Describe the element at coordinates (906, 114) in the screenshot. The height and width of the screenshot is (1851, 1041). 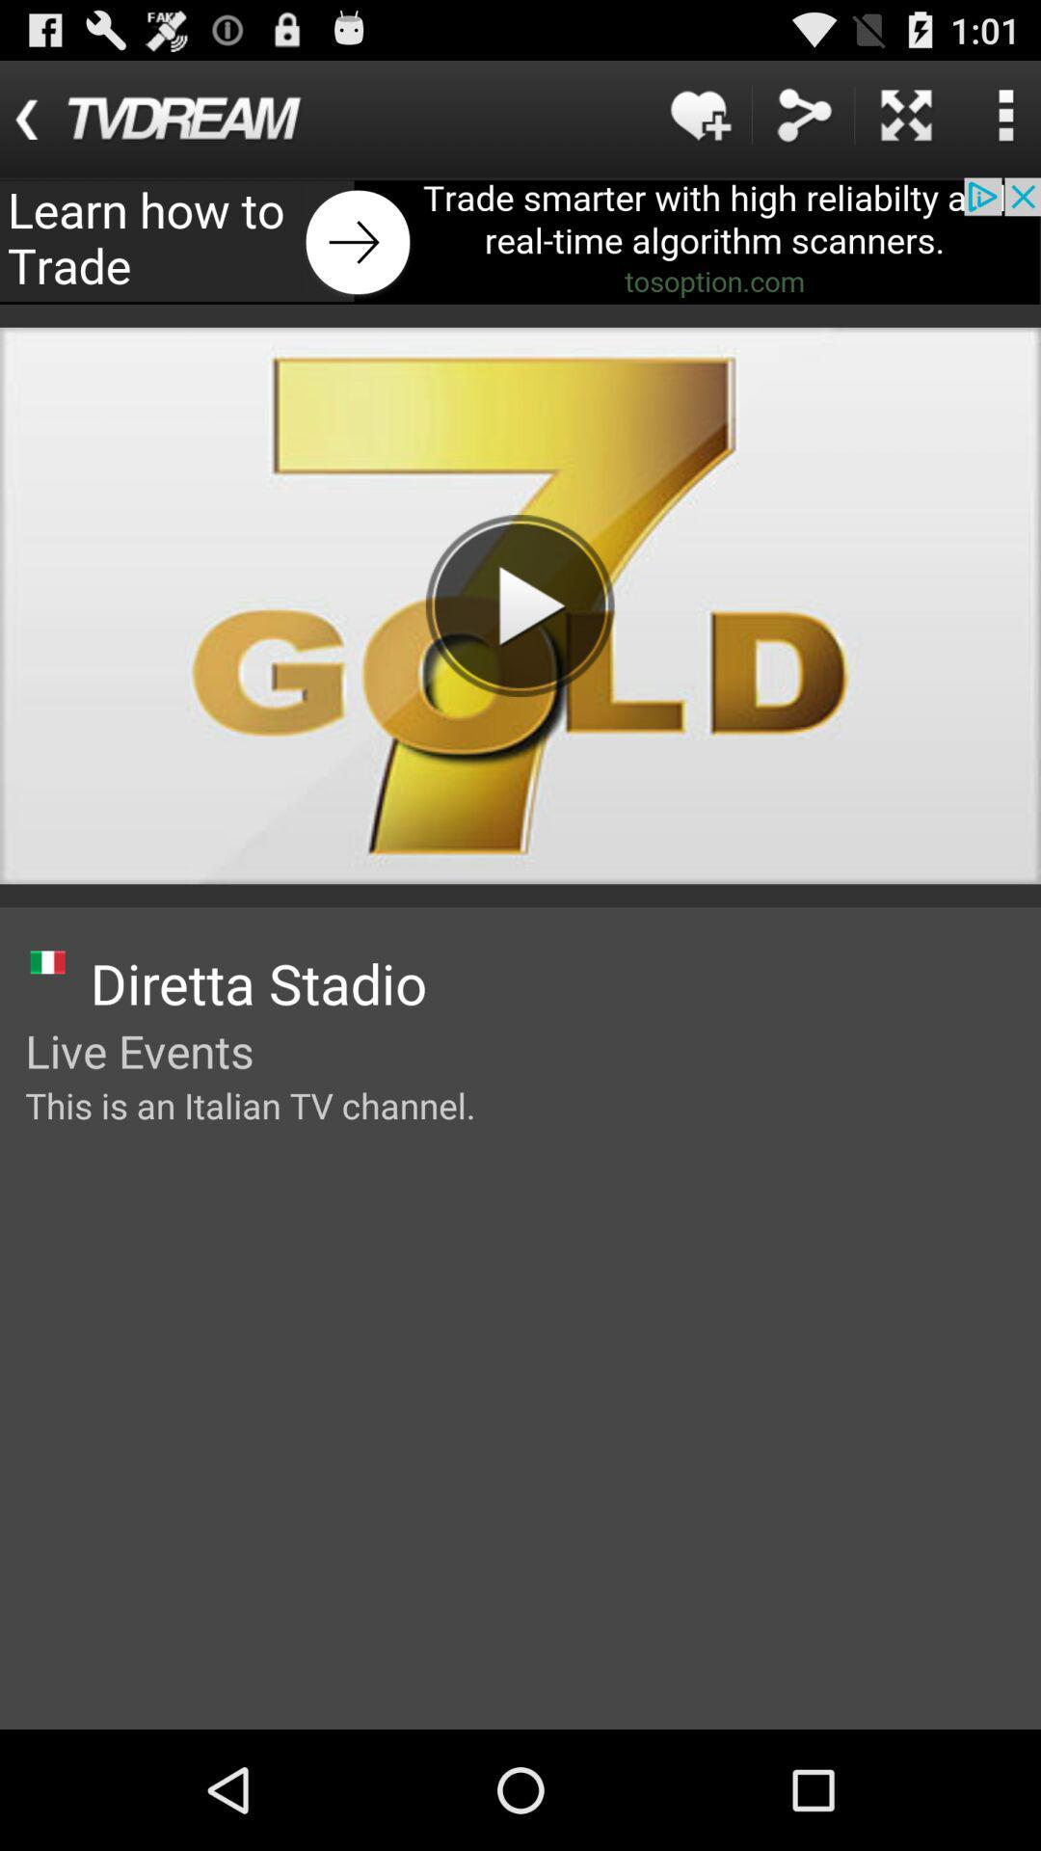
I see `icon left to three vertical dot icon at the top right corner` at that location.